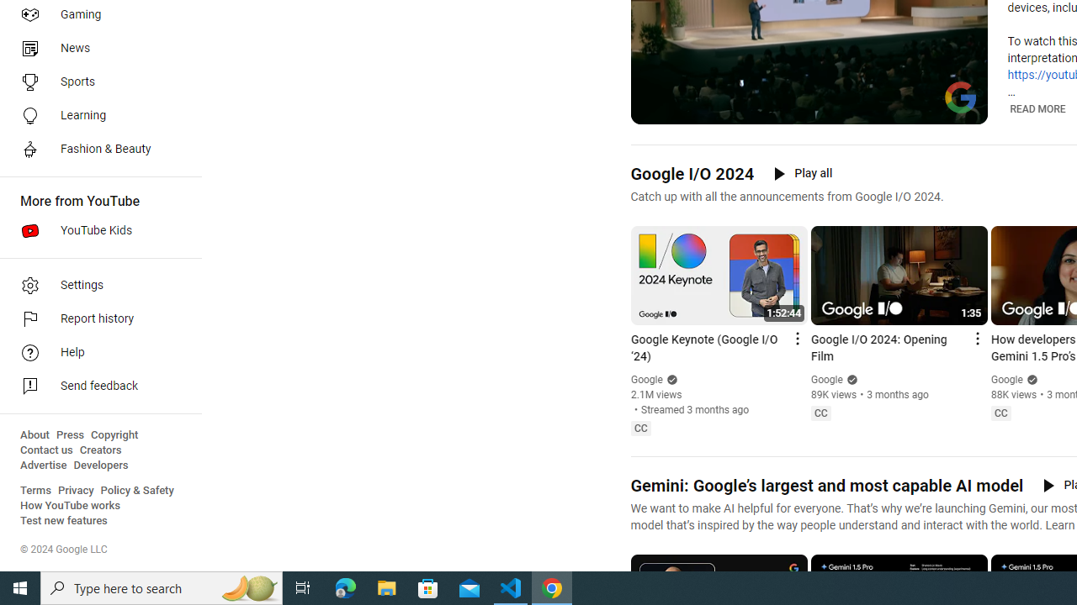  What do you see at coordinates (94, 47) in the screenshot?
I see `'News'` at bounding box center [94, 47].